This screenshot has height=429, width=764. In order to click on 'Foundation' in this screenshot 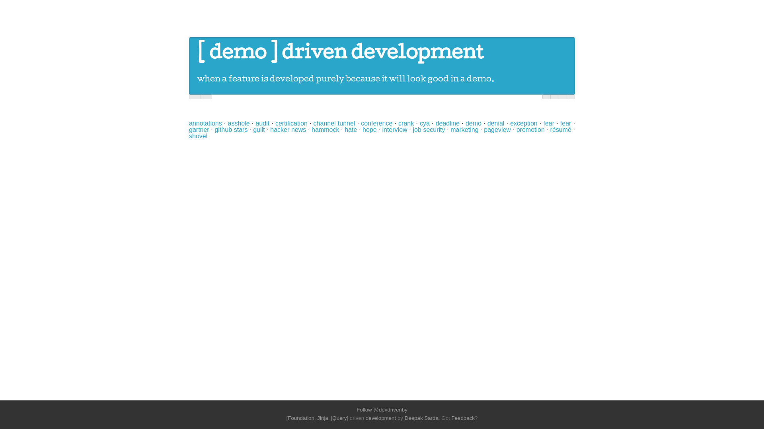, I will do `click(287, 417)`.